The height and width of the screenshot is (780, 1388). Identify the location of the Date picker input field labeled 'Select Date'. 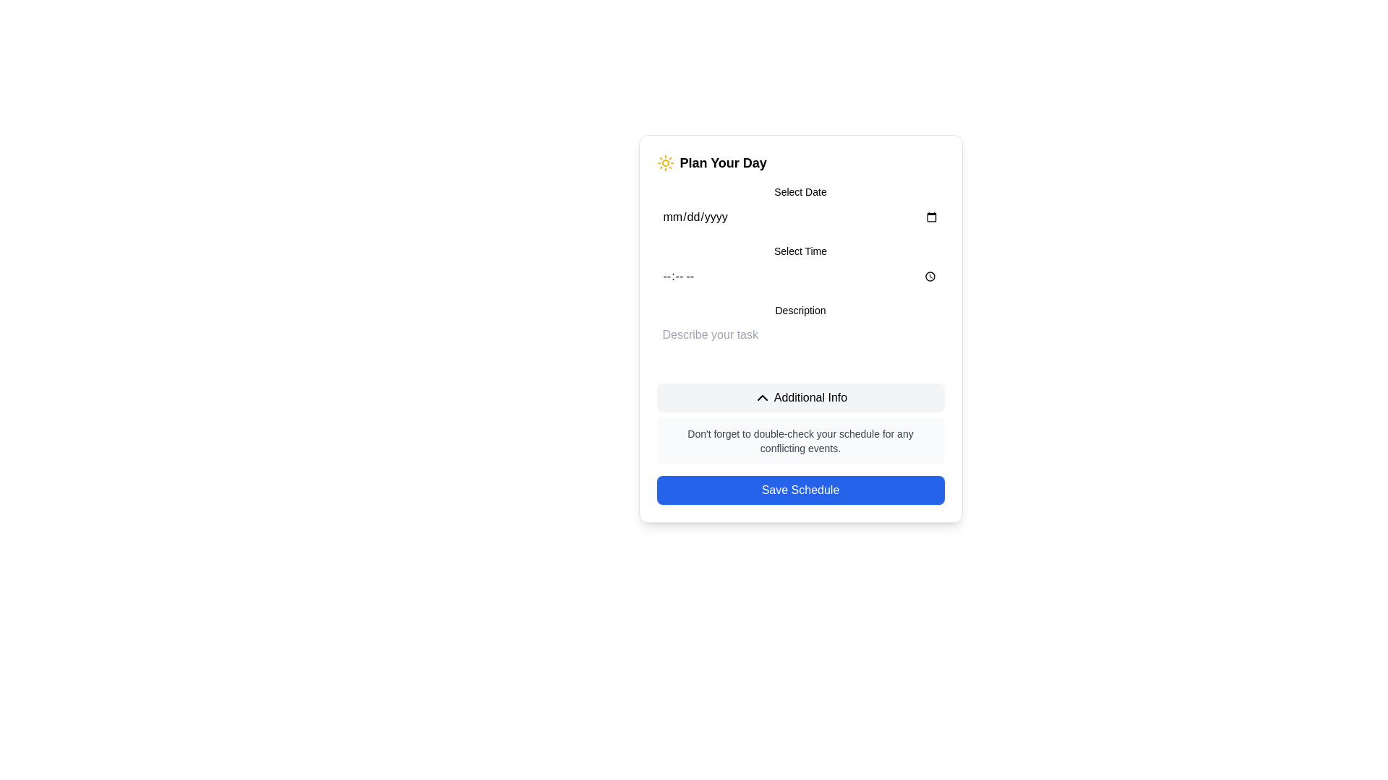
(800, 209).